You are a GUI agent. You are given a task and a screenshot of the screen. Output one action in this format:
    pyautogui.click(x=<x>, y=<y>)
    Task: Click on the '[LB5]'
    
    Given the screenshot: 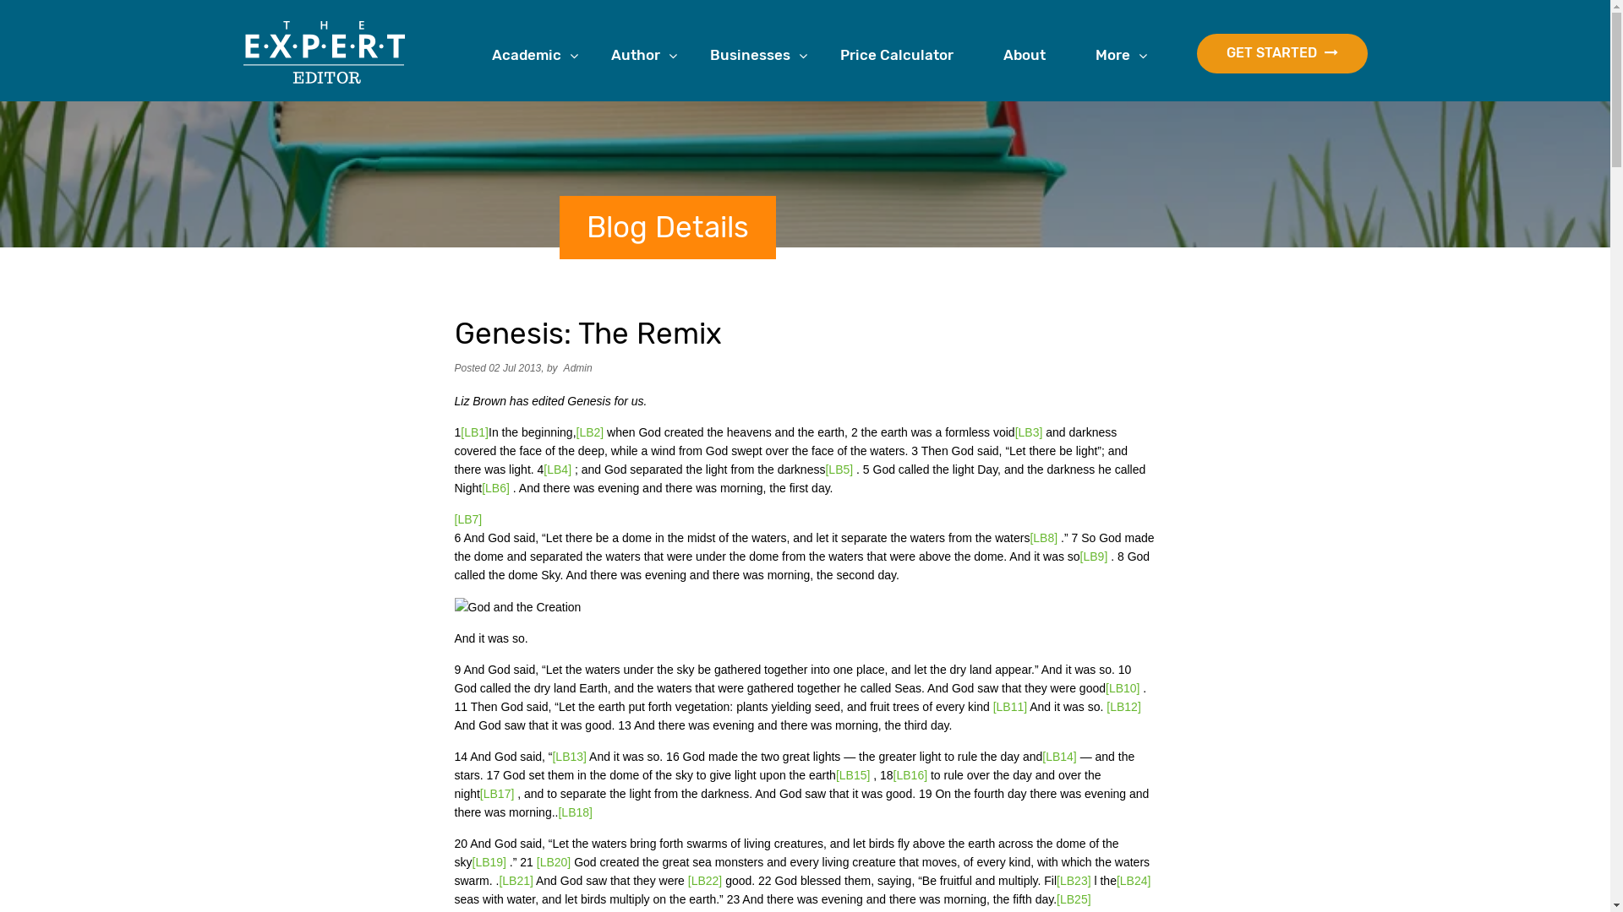 What is the action you would take?
    pyautogui.click(x=839, y=469)
    